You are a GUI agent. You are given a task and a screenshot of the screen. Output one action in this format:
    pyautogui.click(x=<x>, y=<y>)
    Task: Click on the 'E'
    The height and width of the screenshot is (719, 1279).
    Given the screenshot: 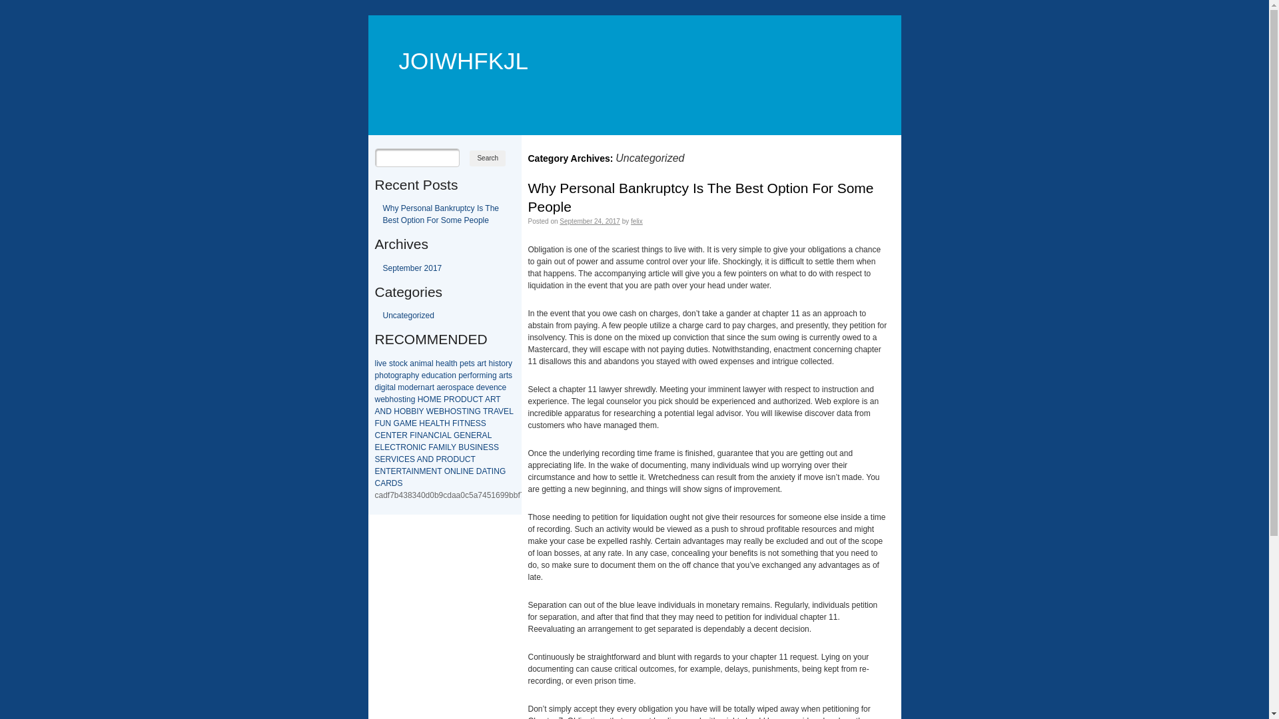 What is the action you would take?
    pyautogui.click(x=414, y=423)
    